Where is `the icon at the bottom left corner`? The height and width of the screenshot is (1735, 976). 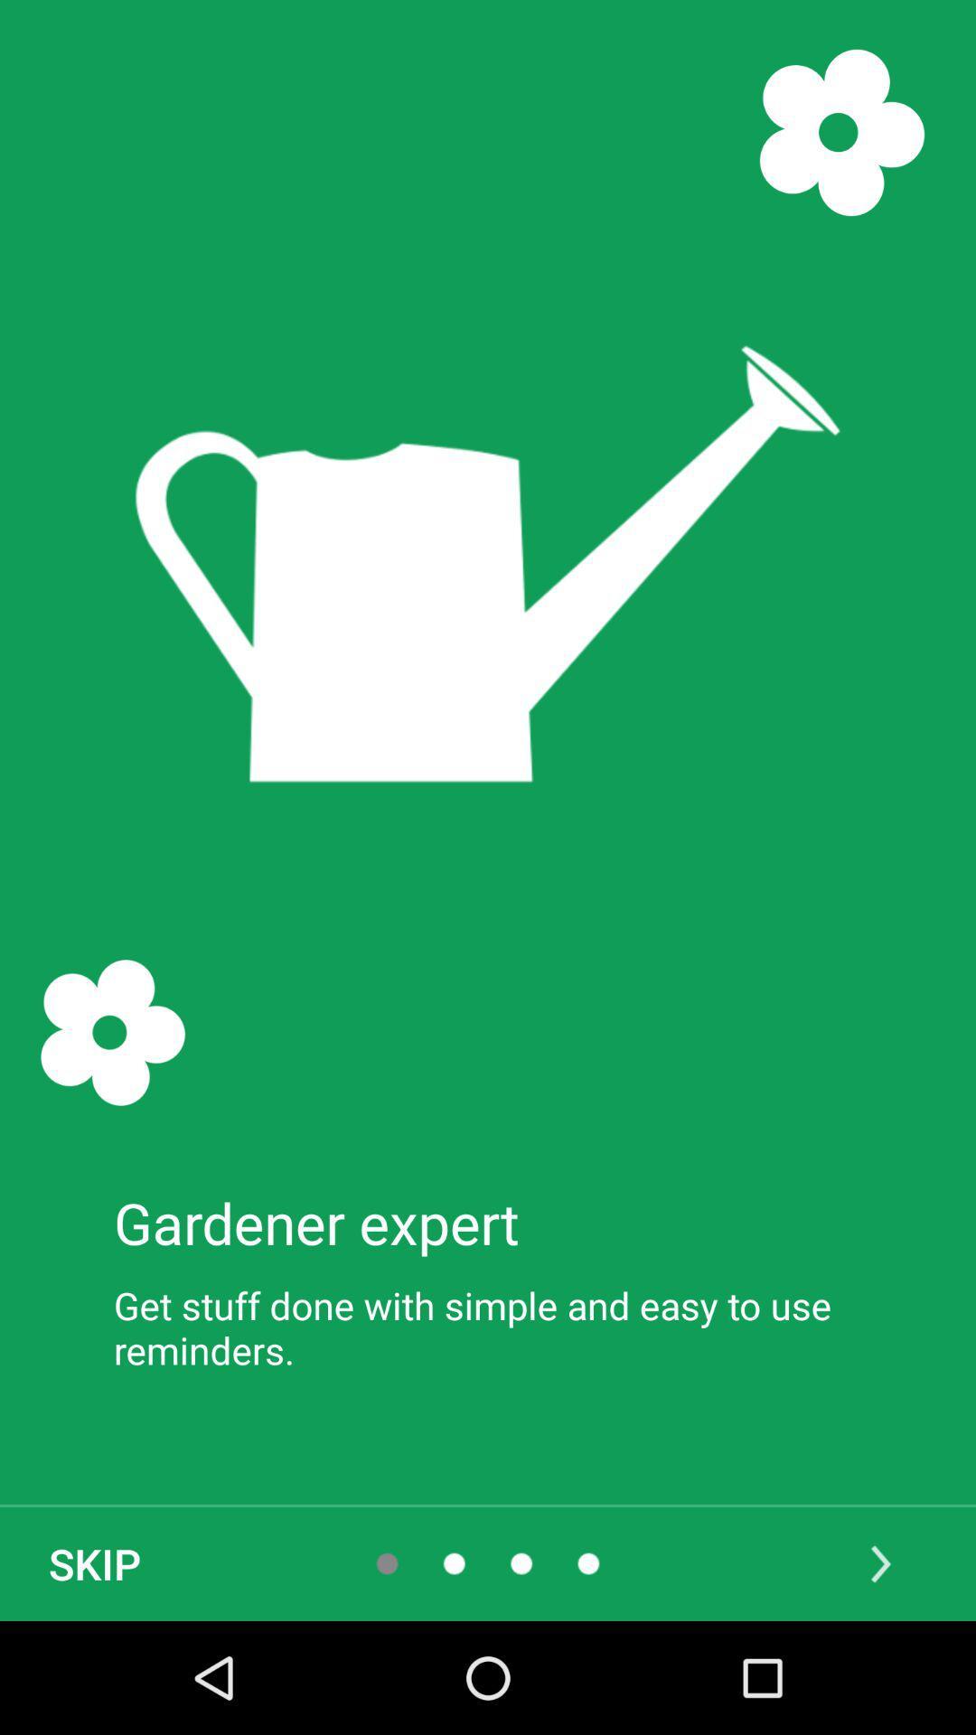 the icon at the bottom left corner is located at coordinates (94, 1563).